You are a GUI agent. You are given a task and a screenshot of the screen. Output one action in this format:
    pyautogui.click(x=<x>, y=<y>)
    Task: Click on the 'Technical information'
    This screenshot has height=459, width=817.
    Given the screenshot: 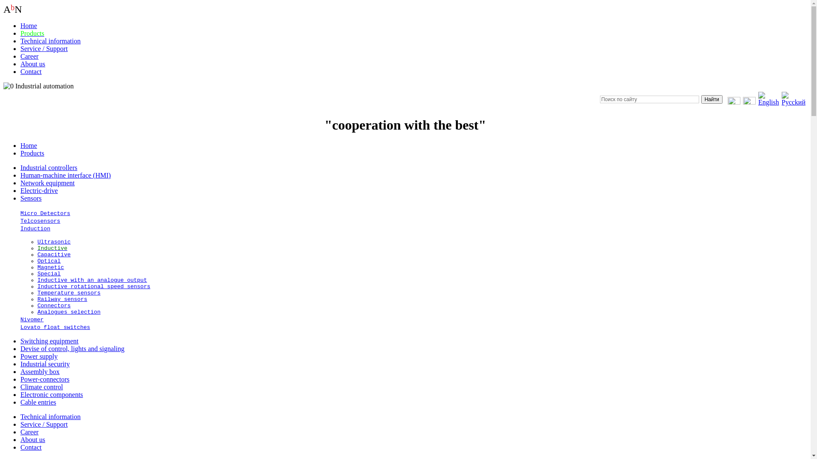 What is the action you would take?
    pyautogui.click(x=50, y=416)
    